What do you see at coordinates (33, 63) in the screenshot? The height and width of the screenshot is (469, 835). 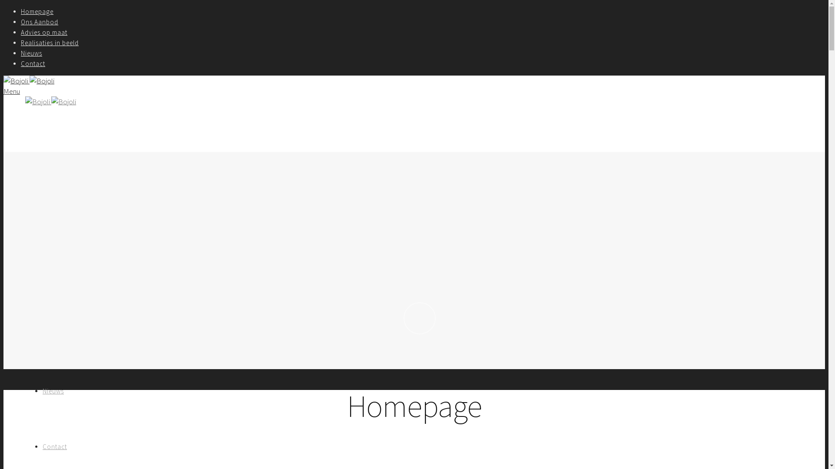 I see `'Contact'` at bounding box center [33, 63].